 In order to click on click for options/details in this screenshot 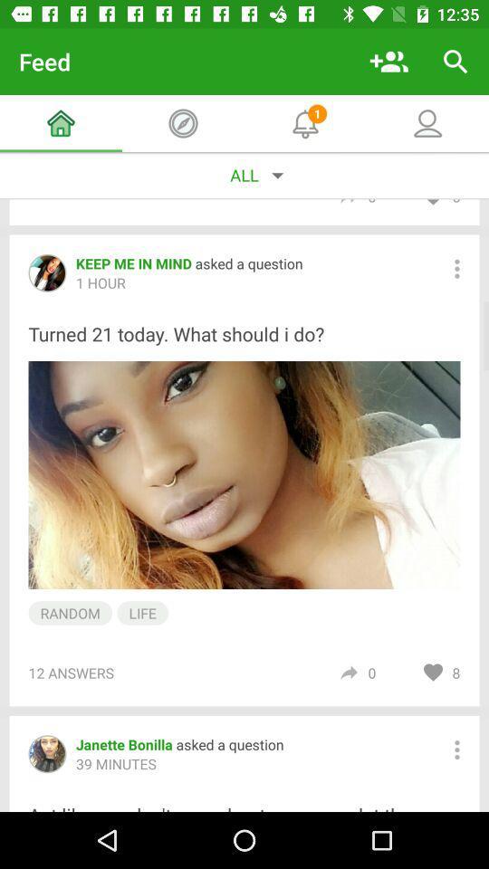, I will do `click(455, 750)`.